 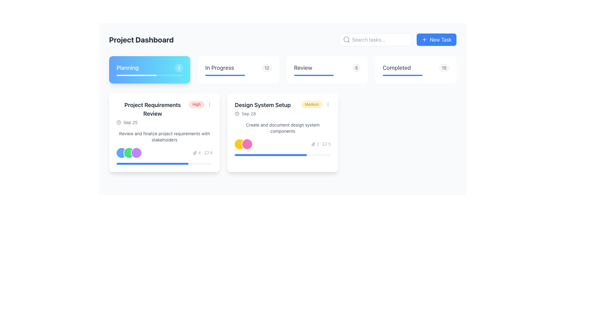 I want to click on the icon located in the bottom-right region of the 'Design System Setup' card for informational purposes, so click(x=313, y=144).